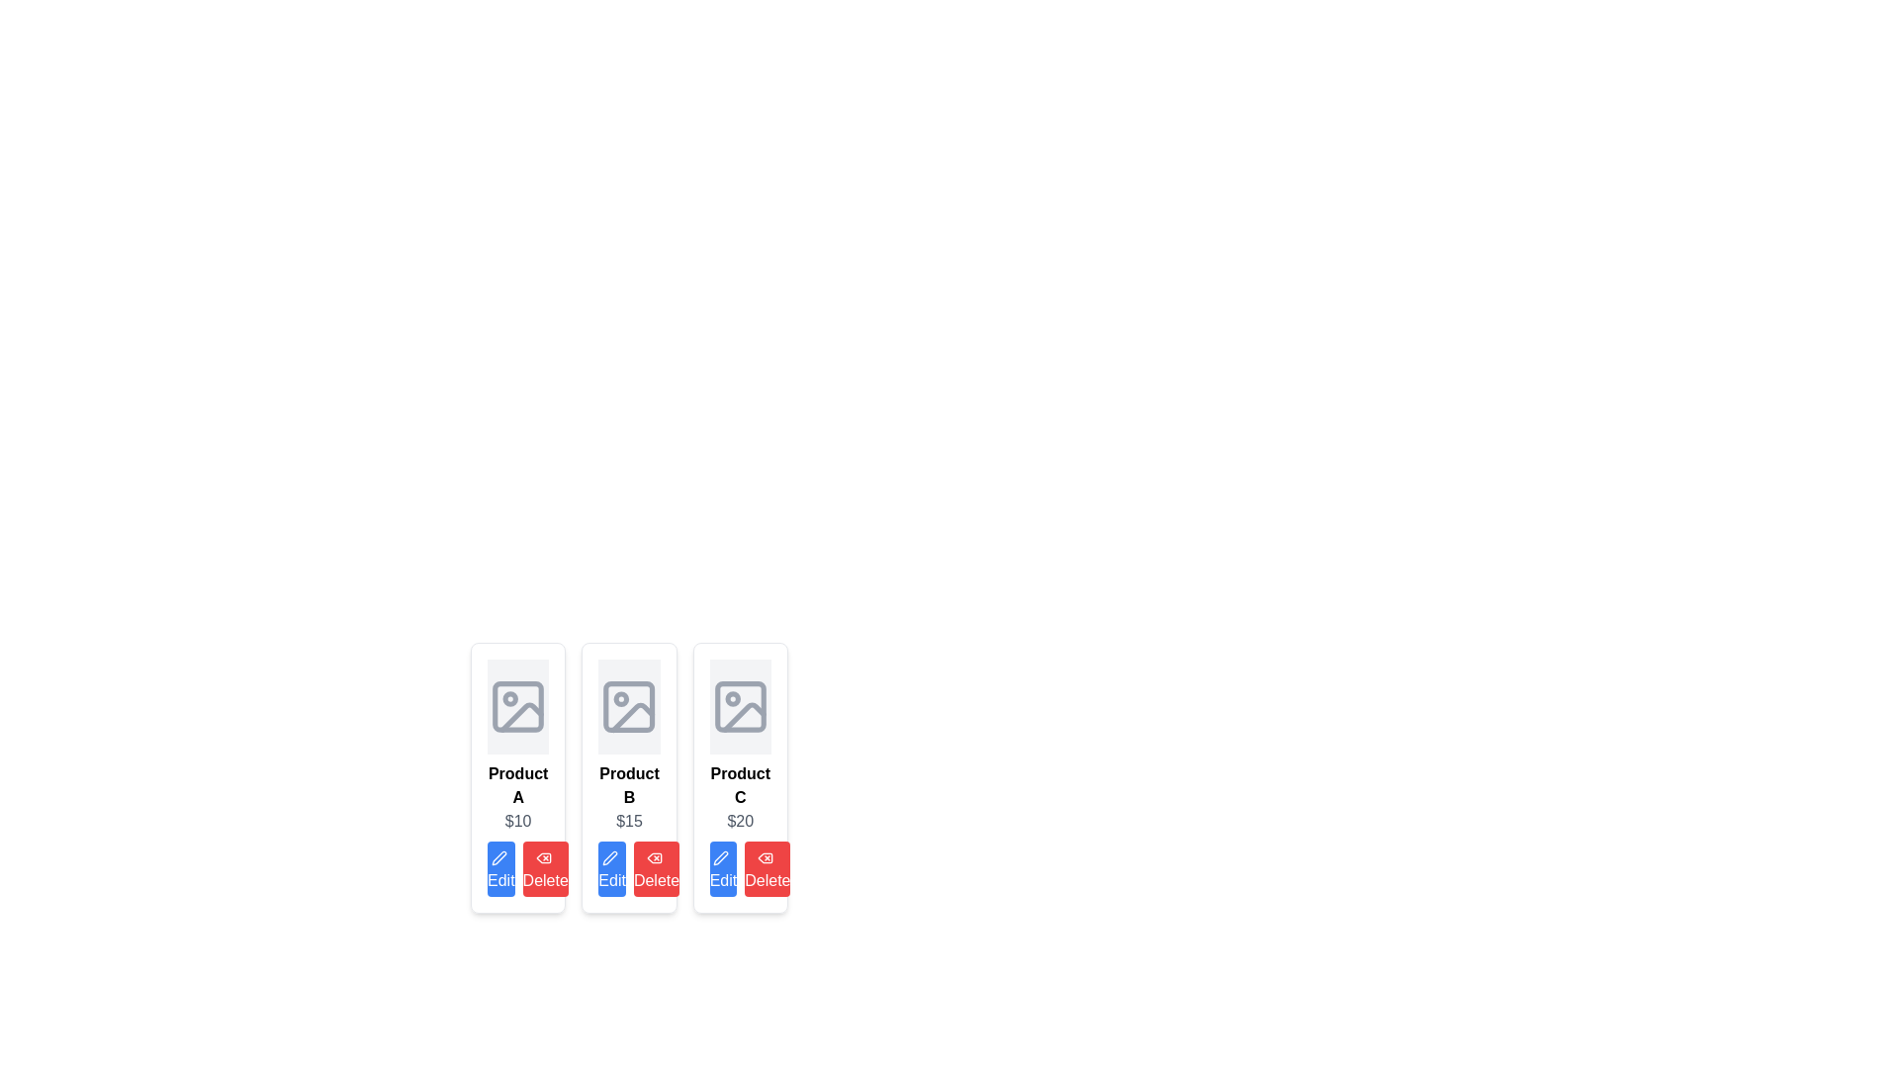 Image resolution: width=1899 pixels, height=1068 pixels. I want to click on the 'Edit' button located in the Action buttons set for 'Product B' to modify the product details, so click(628, 868).